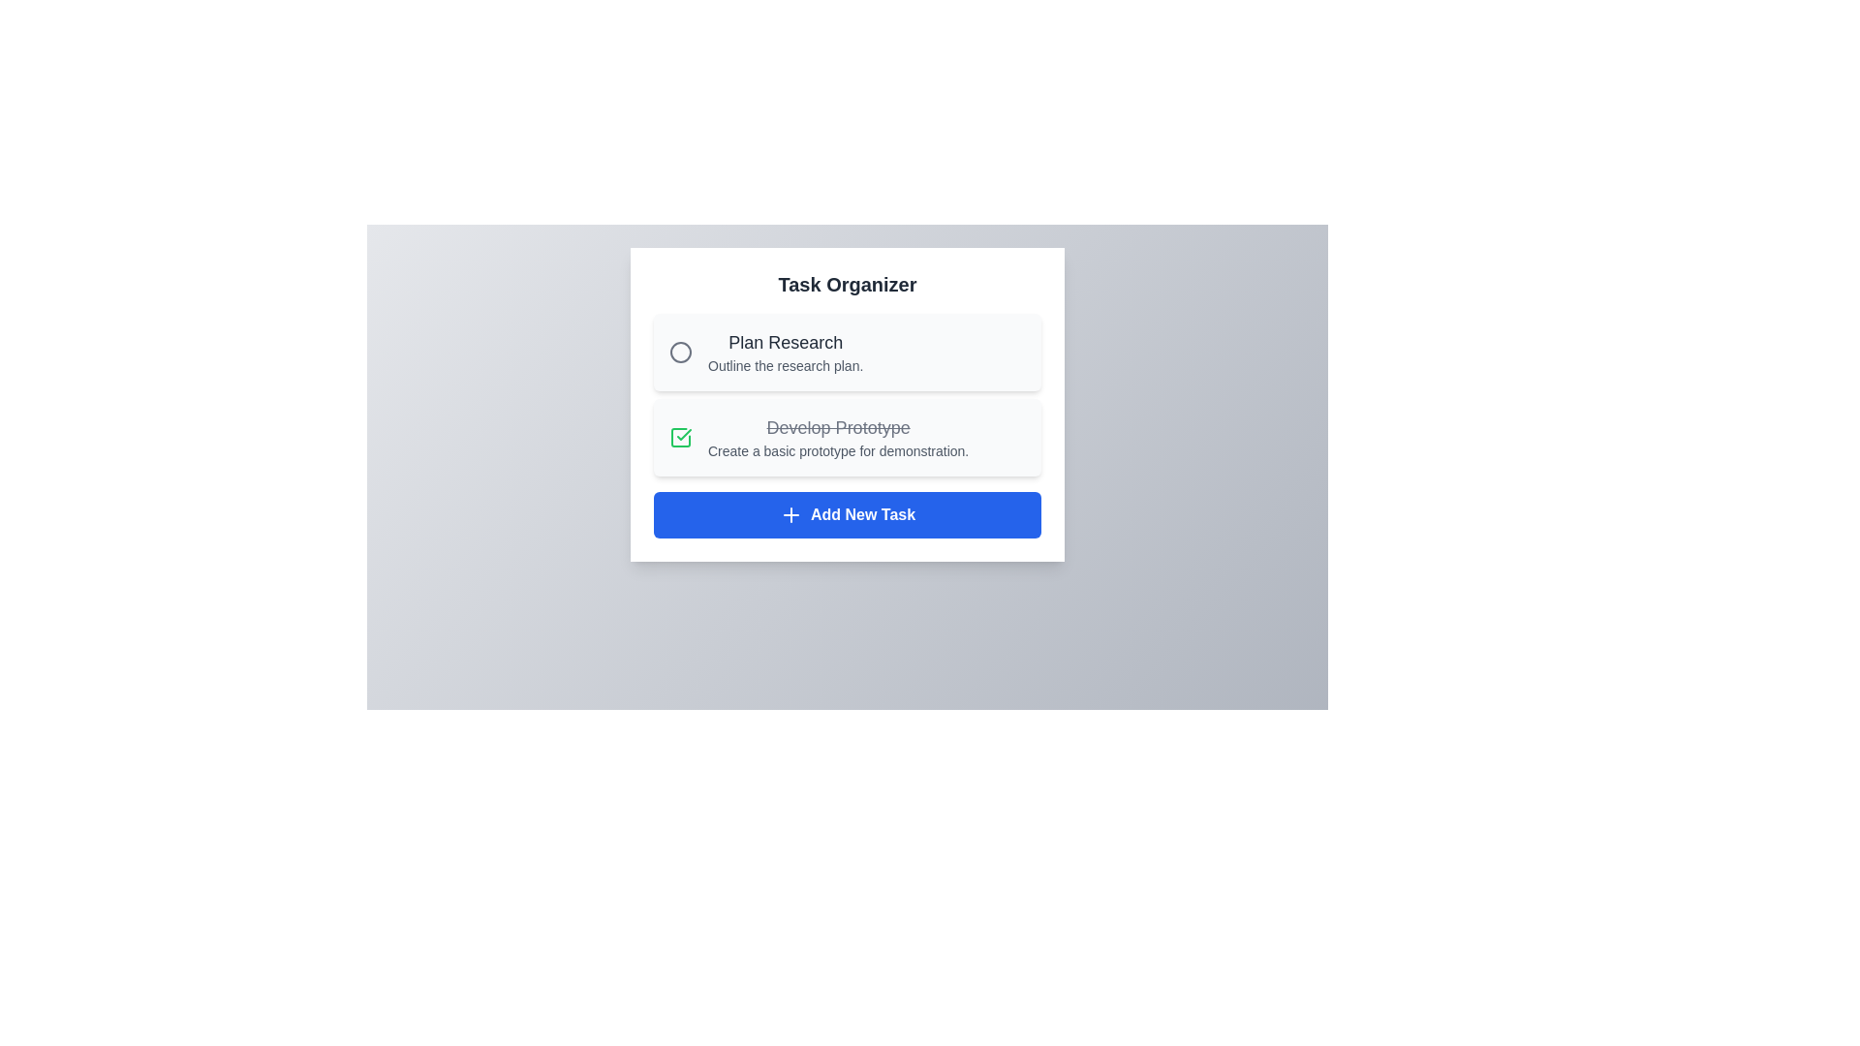 Image resolution: width=1860 pixels, height=1046 pixels. What do you see at coordinates (680, 352) in the screenshot?
I see `the task titled 'Plan Research' to analyze its details` at bounding box center [680, 352].